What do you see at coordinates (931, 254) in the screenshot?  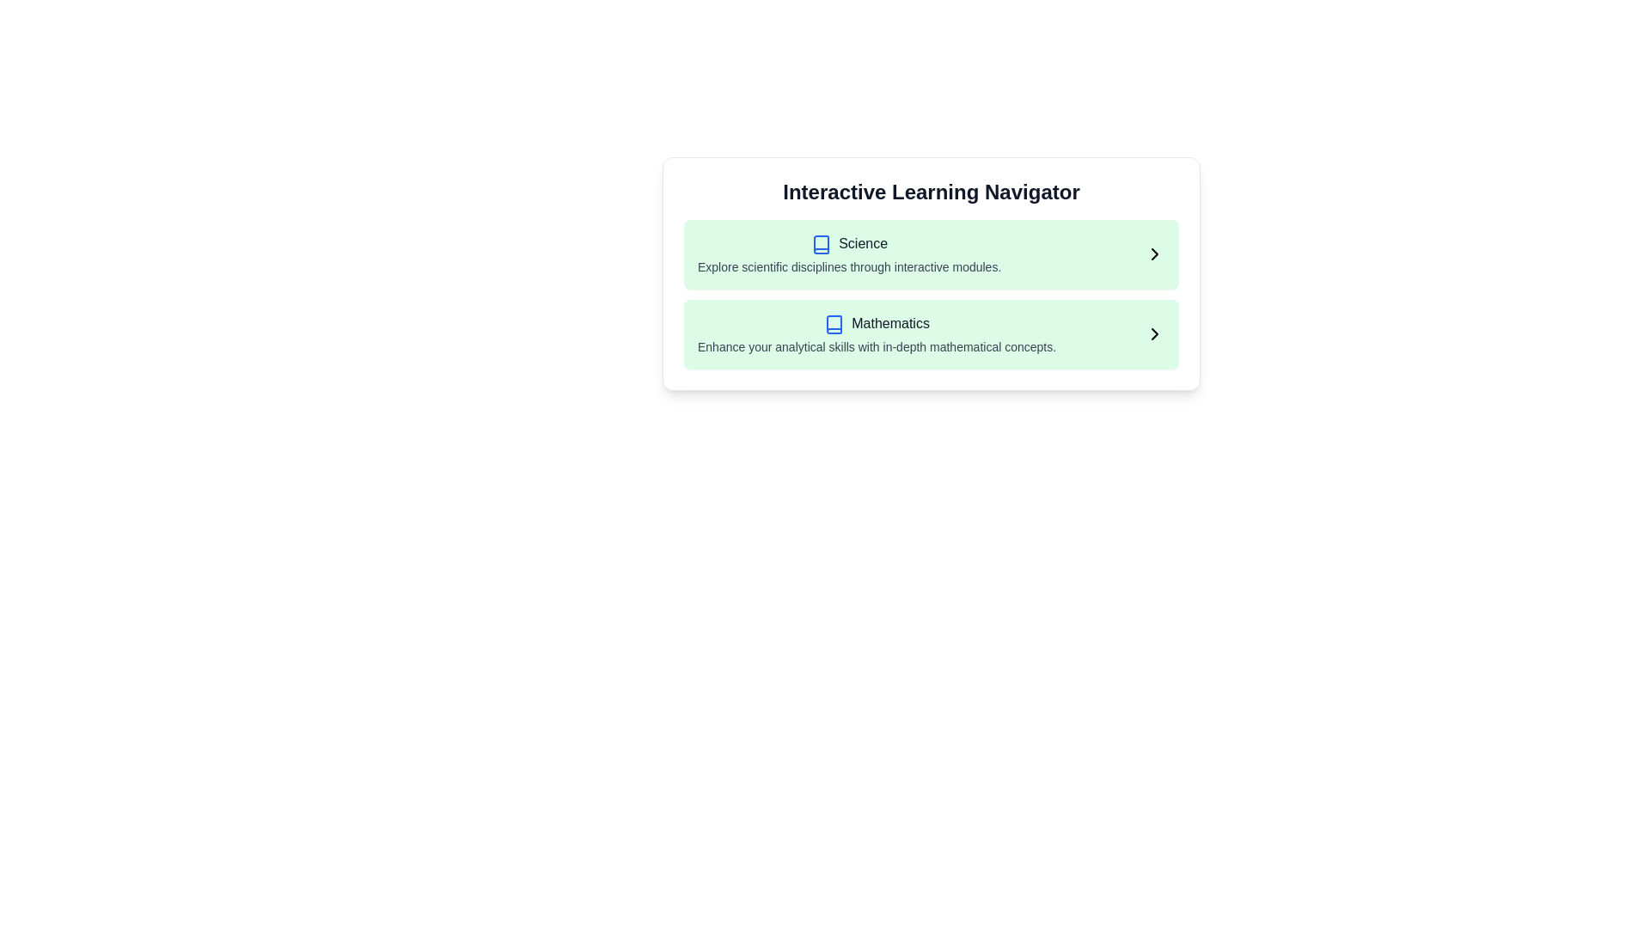 I see `the navigational option for exploring science-related content located at the top section of the 'Interactive Learning Navigator', just above the 'Mathematics' section` at bounding box center [931, 254].